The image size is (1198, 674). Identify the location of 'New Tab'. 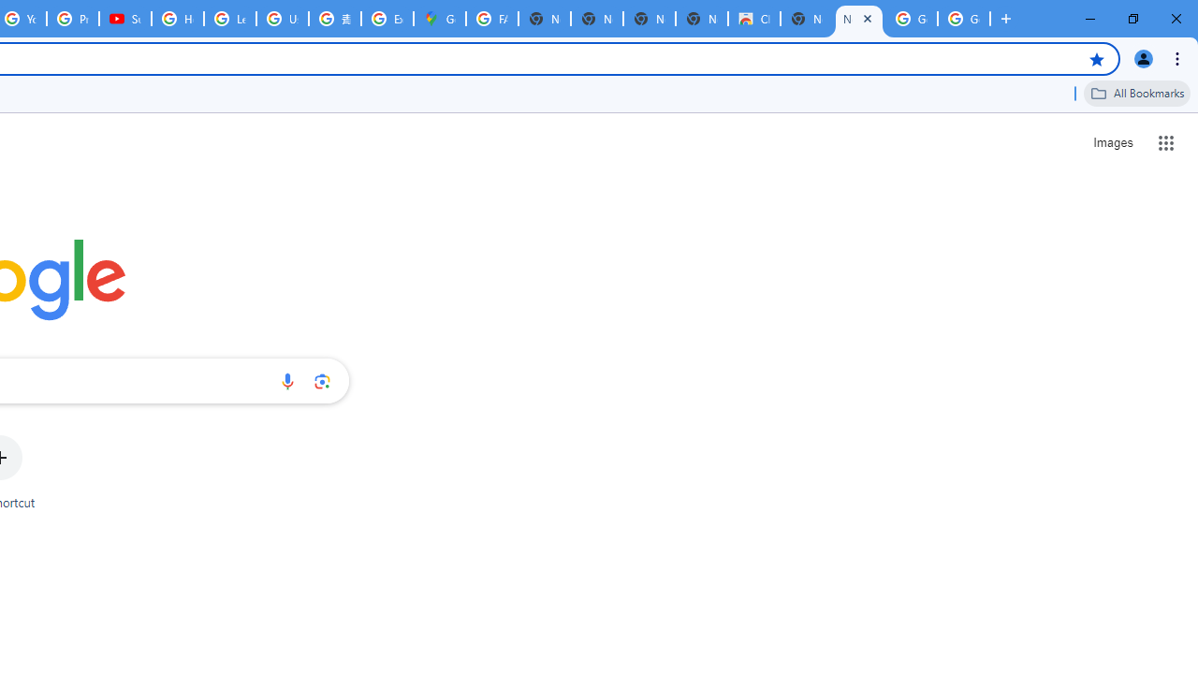
(857, 19).